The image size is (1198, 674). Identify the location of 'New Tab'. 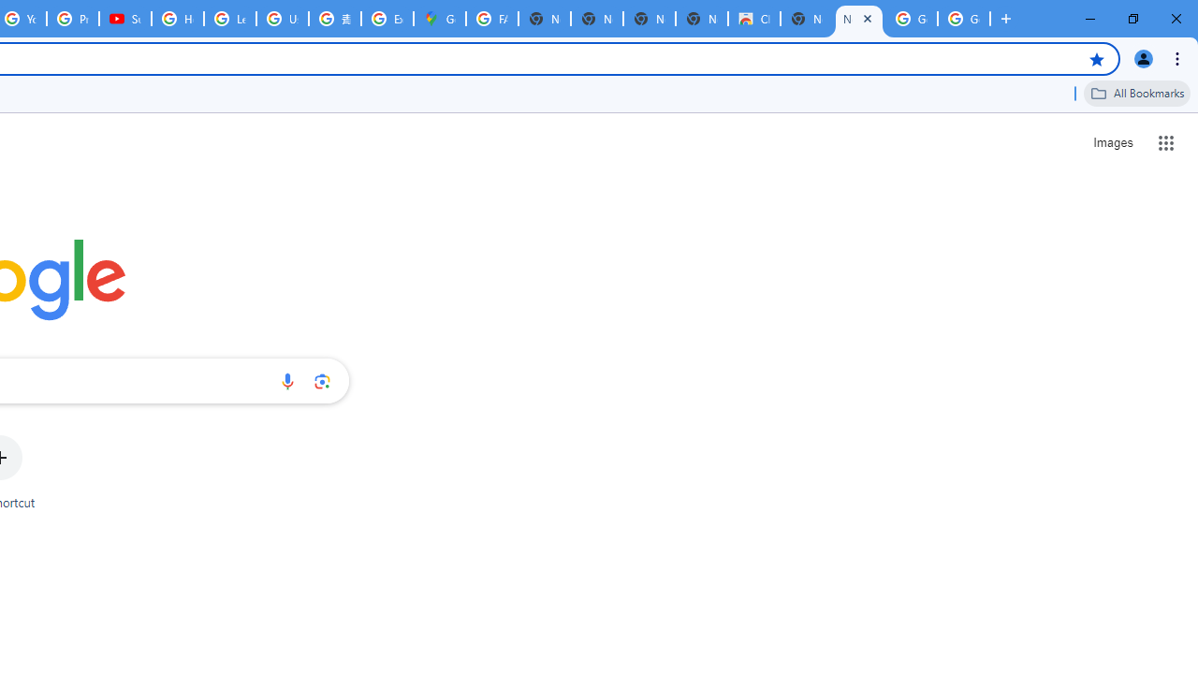
(857, 19).